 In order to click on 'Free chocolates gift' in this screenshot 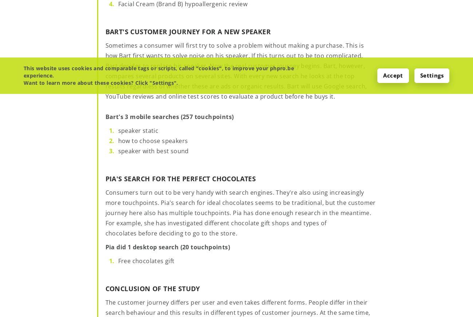, I will do `click(146, 260)`.